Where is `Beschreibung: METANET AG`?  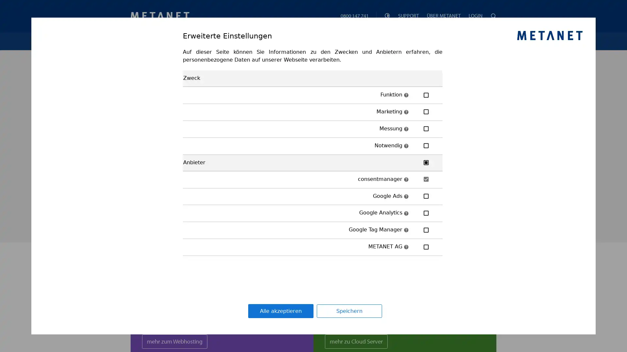
Beschreibung: METANET AG is located at coordinates (406, 246).